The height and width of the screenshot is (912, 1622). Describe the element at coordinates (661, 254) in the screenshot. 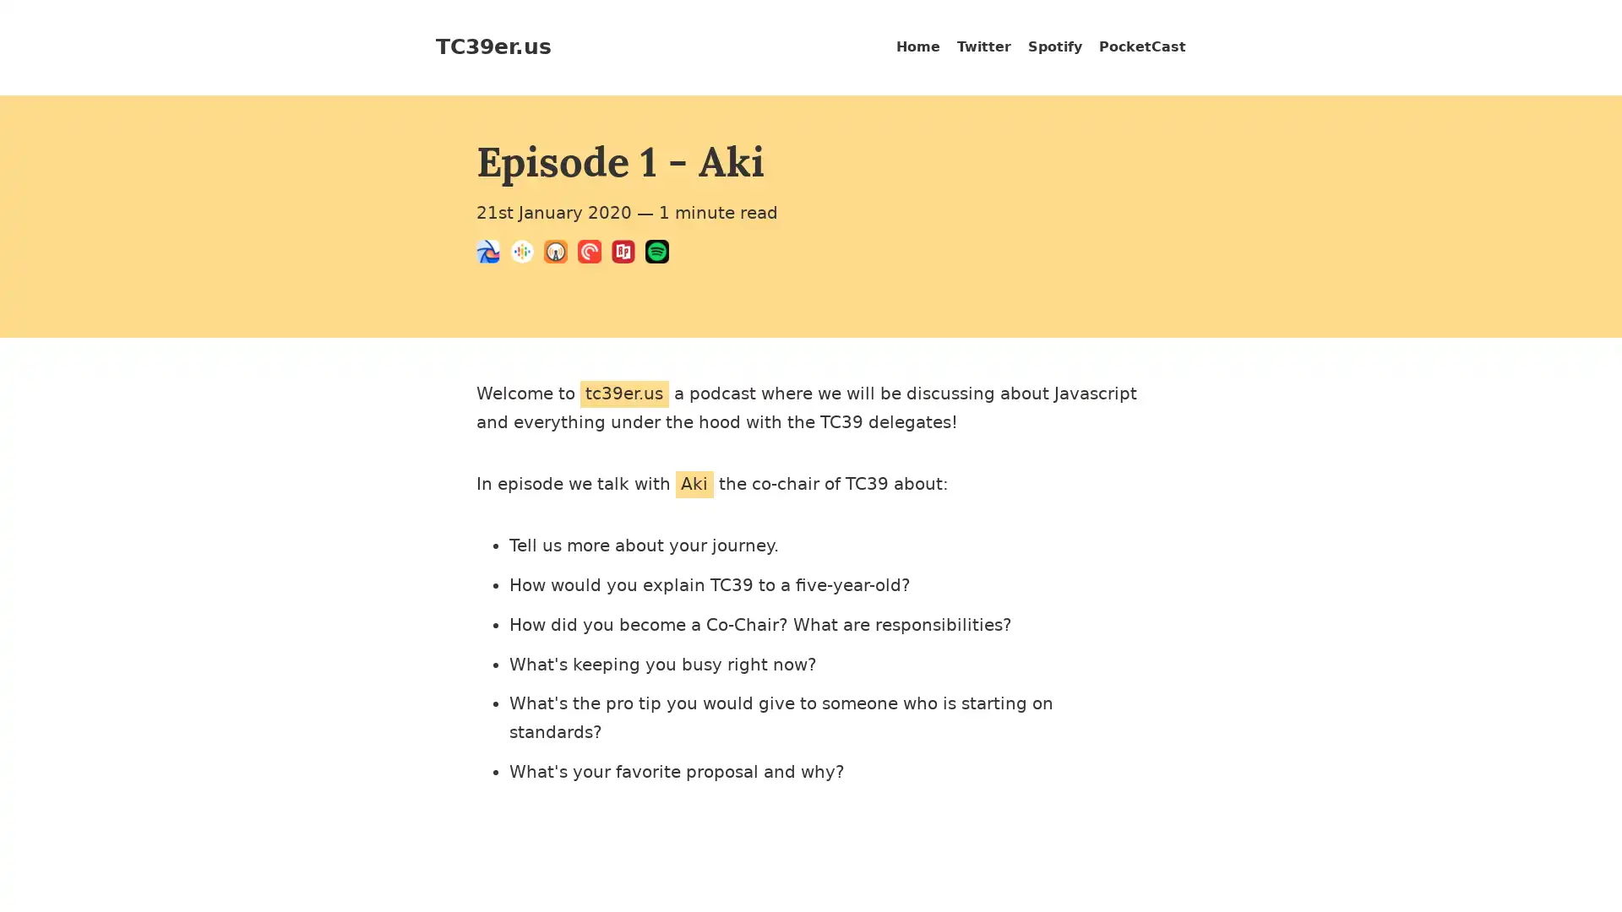

I see `Spotify Logo` at that location.